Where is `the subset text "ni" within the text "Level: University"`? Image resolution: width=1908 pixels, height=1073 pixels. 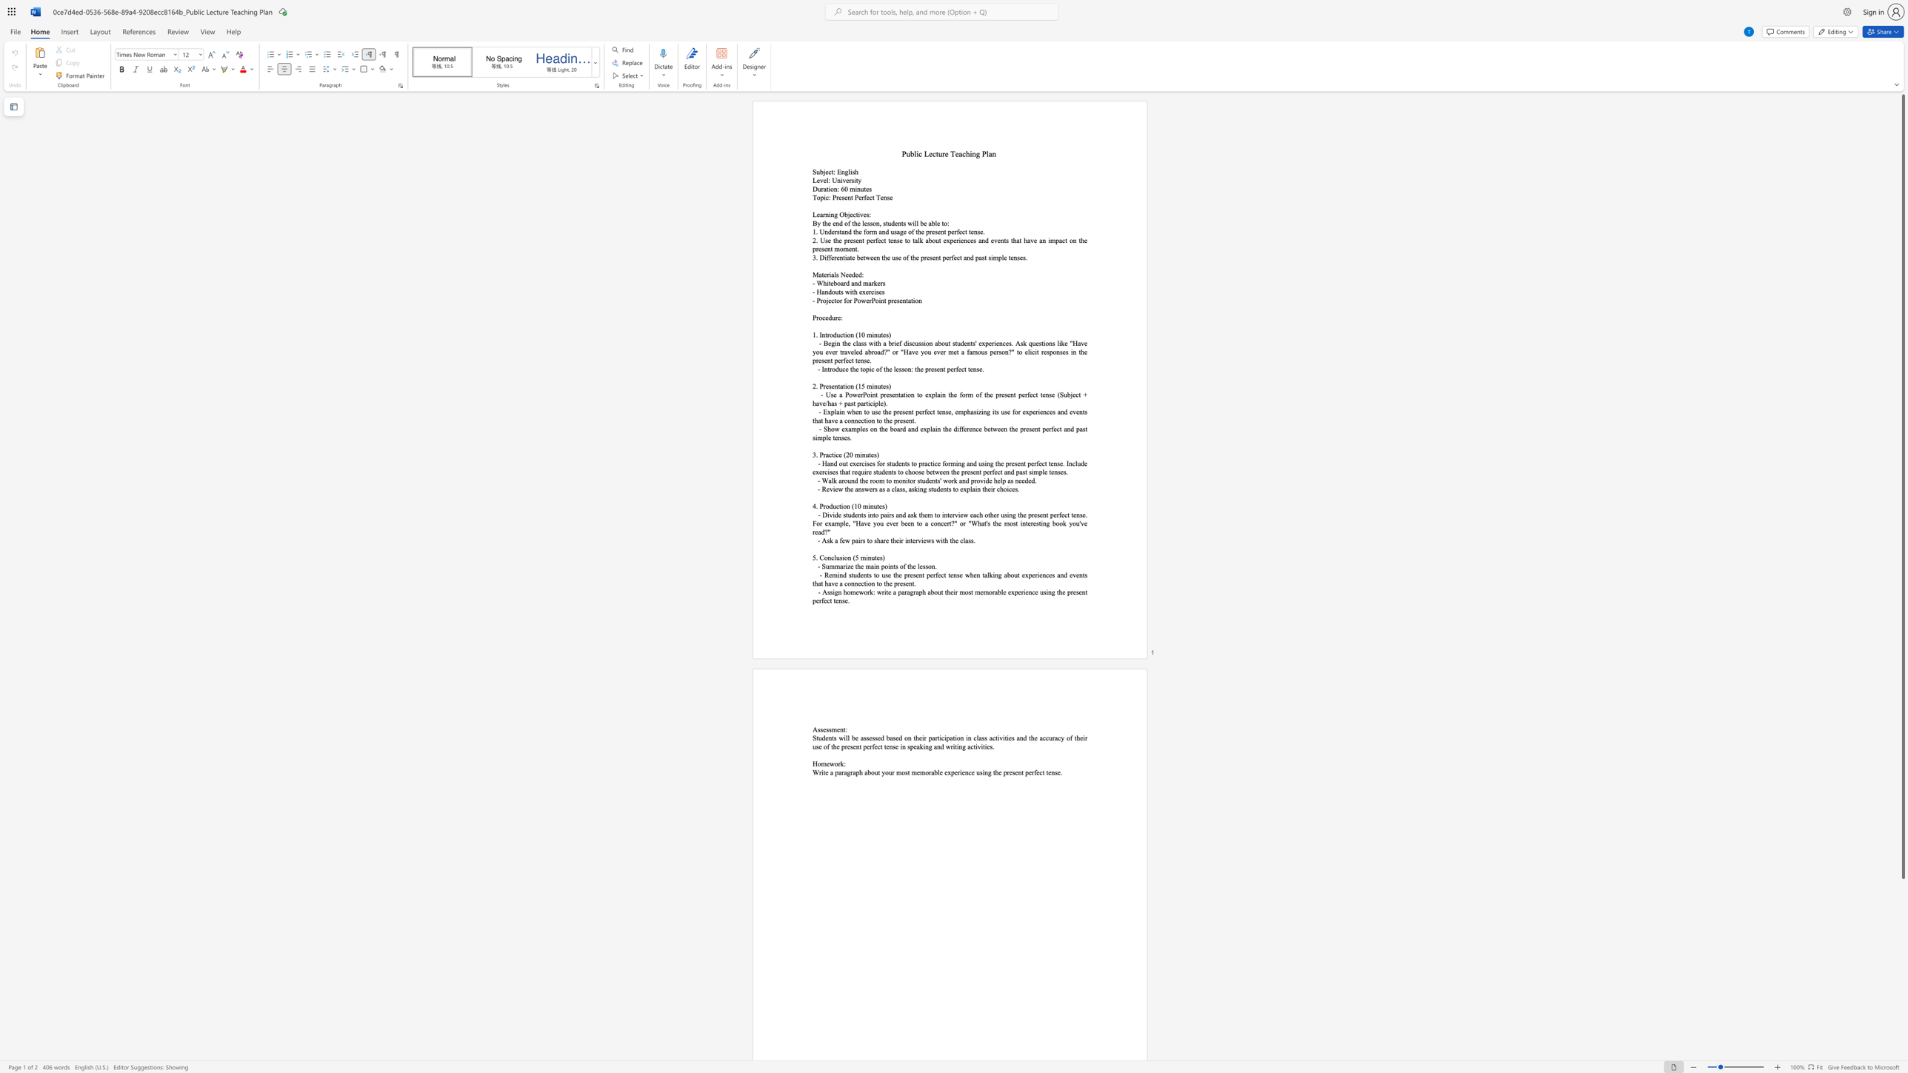 the subset text "ni" within the text "Level: University" is located at coordinates (836, 179).